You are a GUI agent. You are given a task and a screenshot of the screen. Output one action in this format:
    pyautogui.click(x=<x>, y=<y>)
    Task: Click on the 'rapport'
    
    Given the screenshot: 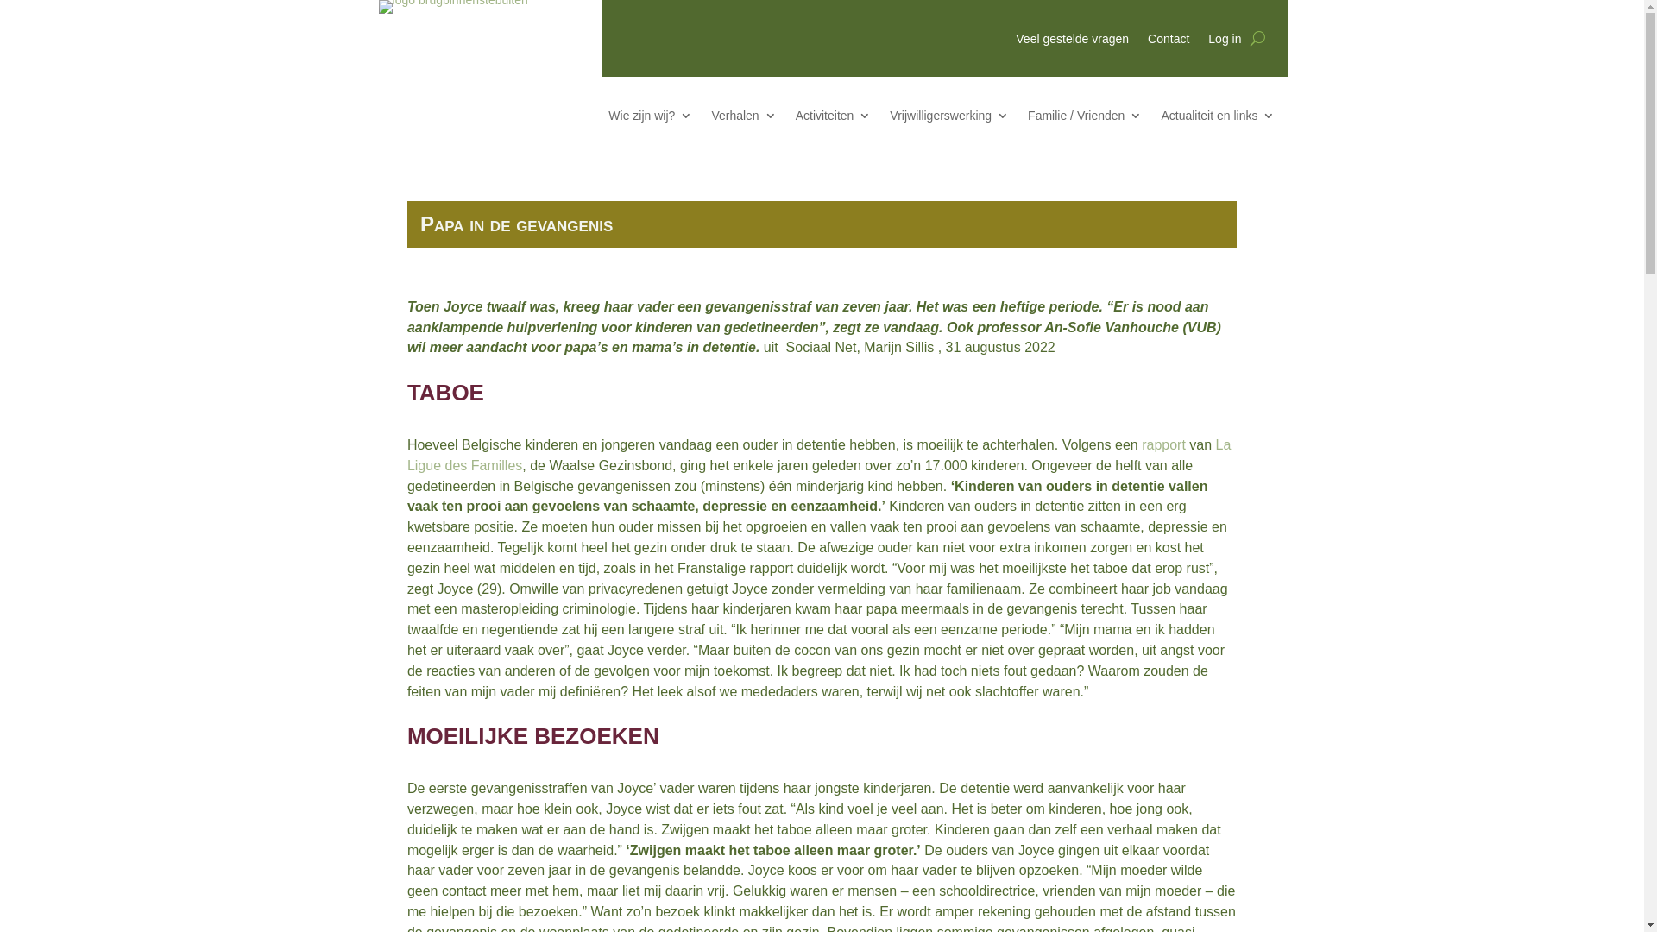 What is the action you would take?
    pyautogui.click(x=1163, y=444)
    